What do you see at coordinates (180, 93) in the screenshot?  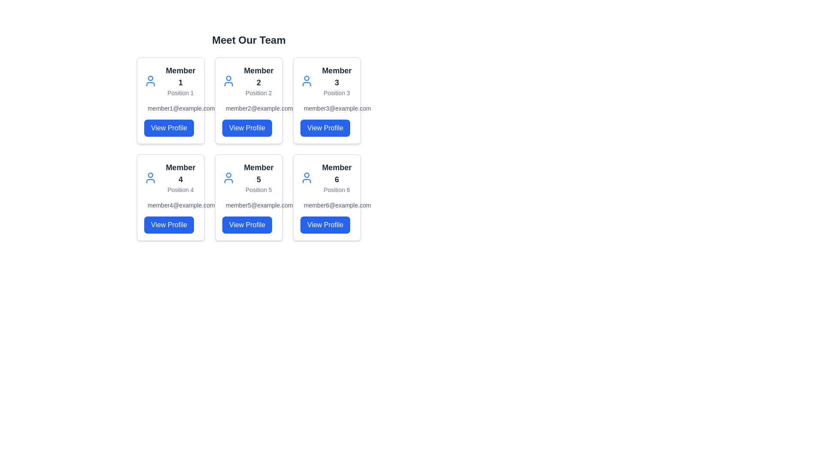 I see `the static text label displaying the position or role associated with 'Member 1' in the top-left card of the team grid` at bounding box center [180, 93].